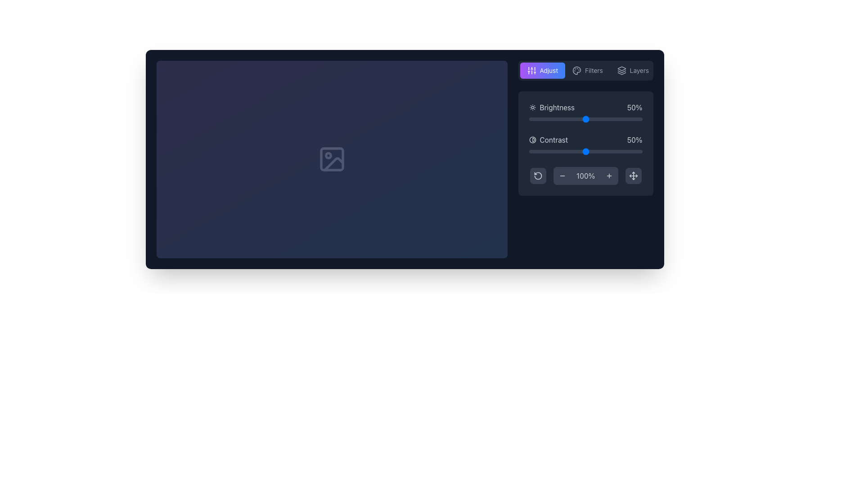 This screenshot has width=864, height=486. Describe the element at coordinates (531, 70) in the screenshot. I see `the adjustable settings icon located within the 'Adjust' button at the top-right segment of the interface` at that location.